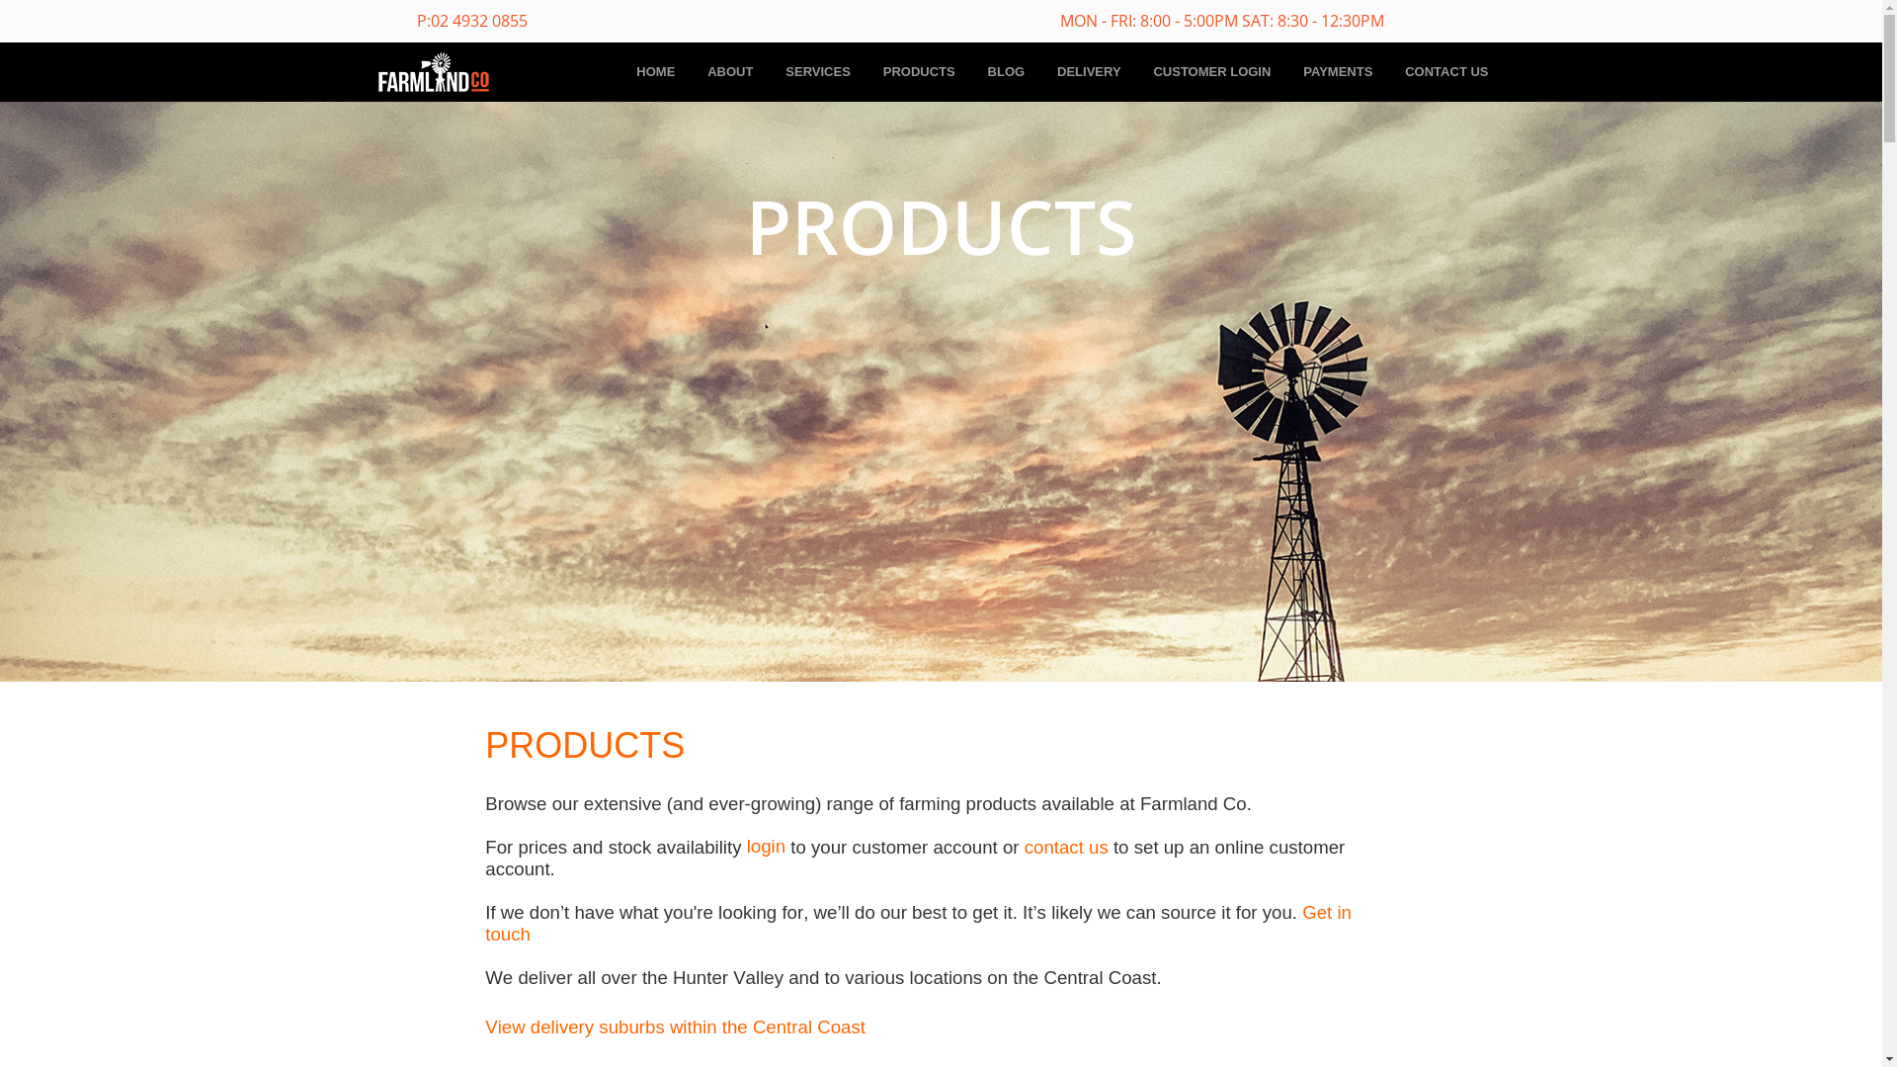 The width and height of the screenshot is (1897, 1067). What do you see at coordinates (655, 71) in the screenshot?
I see `'HOME'` at bounding box center [655, 71].